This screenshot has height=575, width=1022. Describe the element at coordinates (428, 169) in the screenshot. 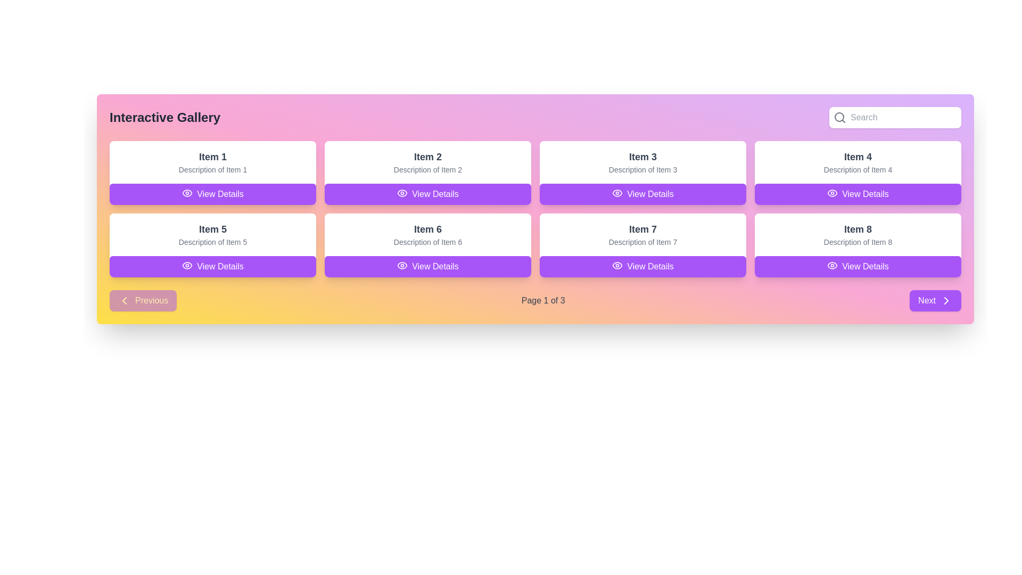

I see `text label that says 'Description of Item 2', which is a small gray font text located directly below the bold text 'Item 2'` at that location.